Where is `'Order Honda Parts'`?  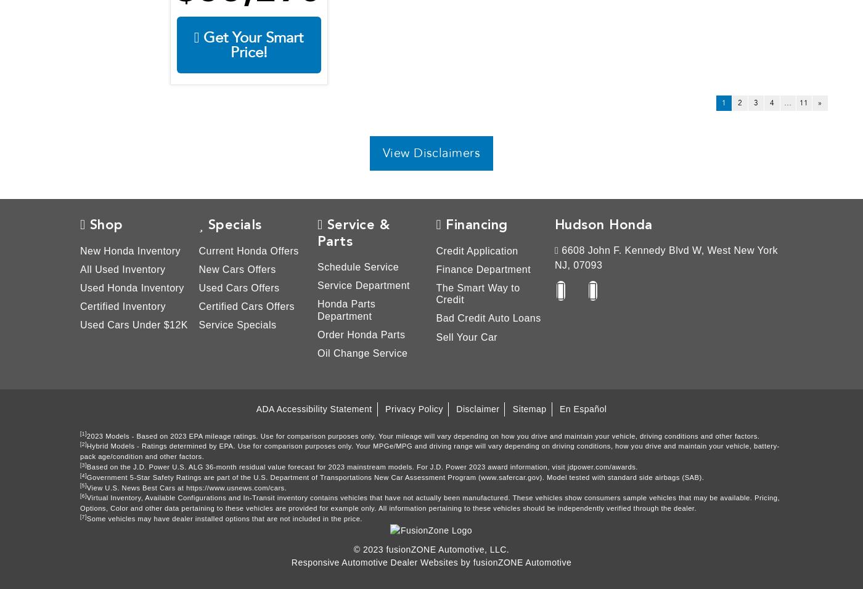 'Order Honda Parts' is located at coordinates (317, 333).